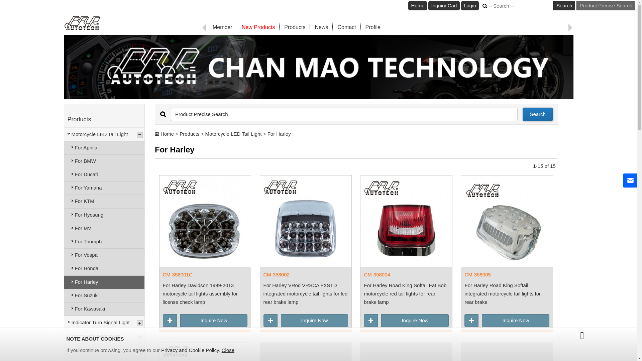 The image size is (642, 361). Describe the element at coordinates (64, 228) in the screenshot. I see `'For MV'` at that location.